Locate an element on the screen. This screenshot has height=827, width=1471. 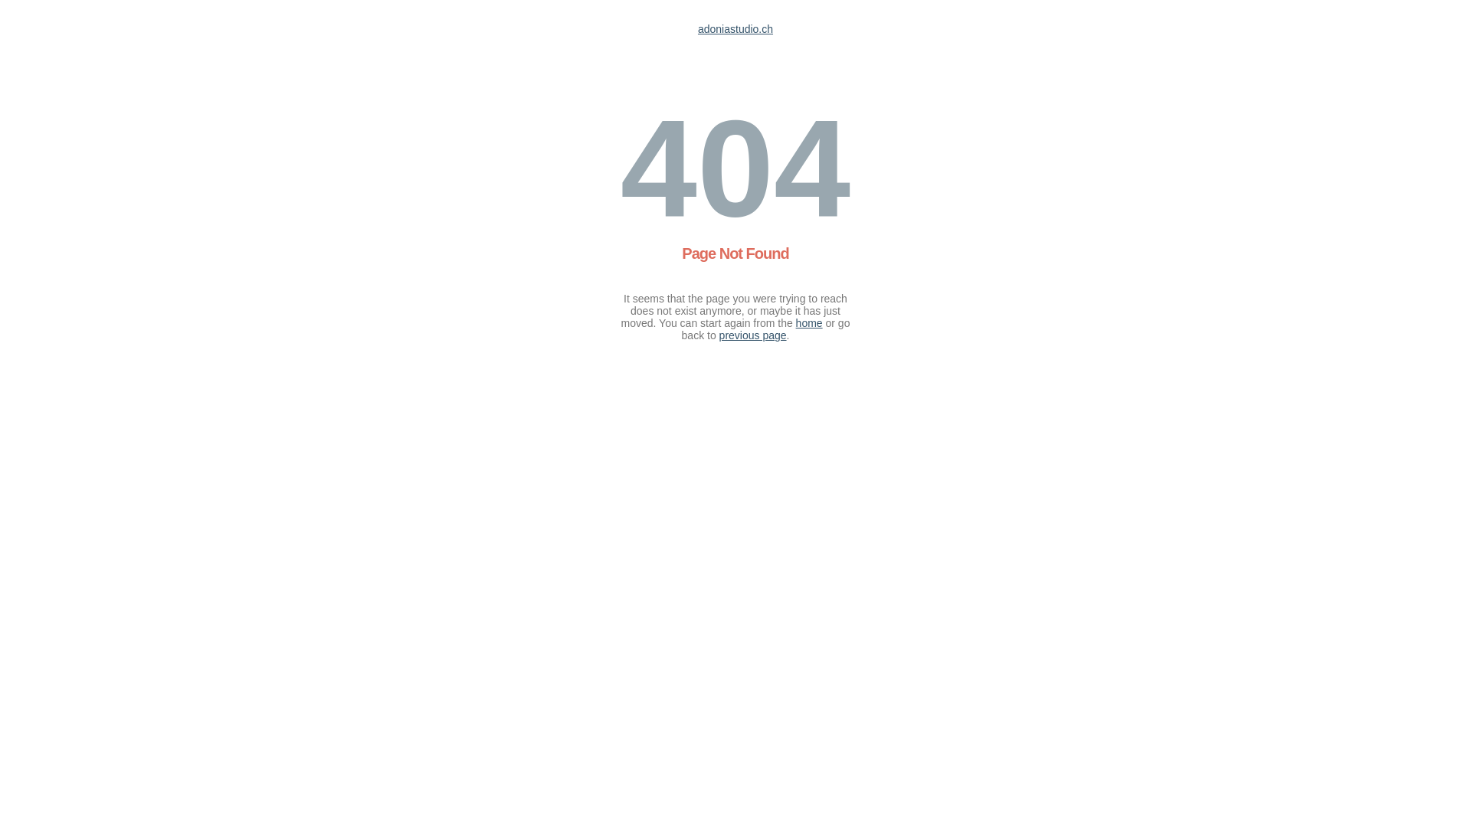
'home' is located at coordinates (808, 322).